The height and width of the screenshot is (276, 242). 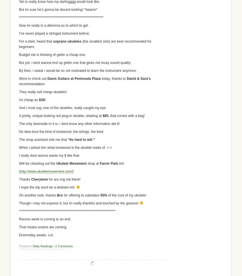 What do you see at coordinates (54, 33) in the screenshot?
I see `'I’ve never played a stringed instrument before.'` at bounding box center [54, 33].